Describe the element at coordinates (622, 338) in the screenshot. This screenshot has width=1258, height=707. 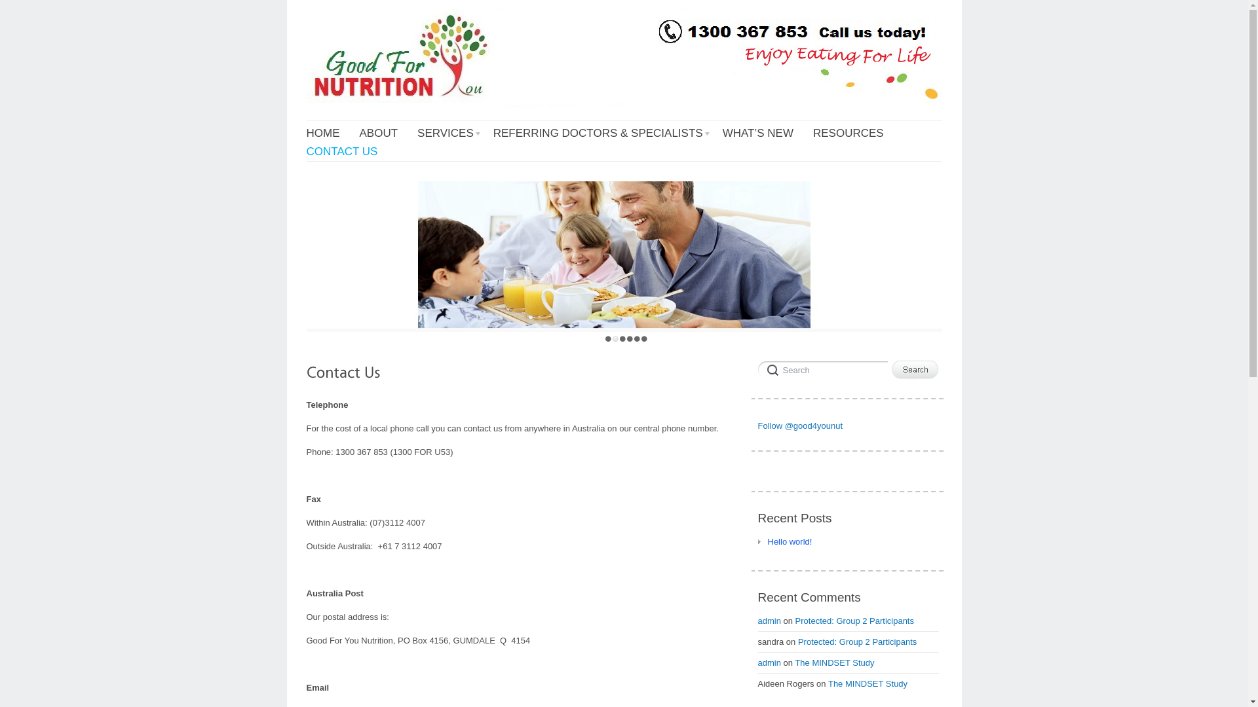
I see `'3'` at that location.